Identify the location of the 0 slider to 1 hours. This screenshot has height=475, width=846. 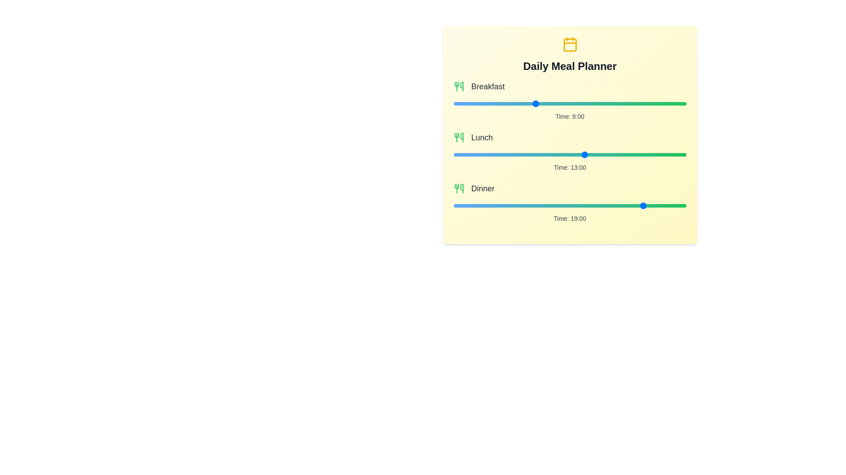
(580, 103).